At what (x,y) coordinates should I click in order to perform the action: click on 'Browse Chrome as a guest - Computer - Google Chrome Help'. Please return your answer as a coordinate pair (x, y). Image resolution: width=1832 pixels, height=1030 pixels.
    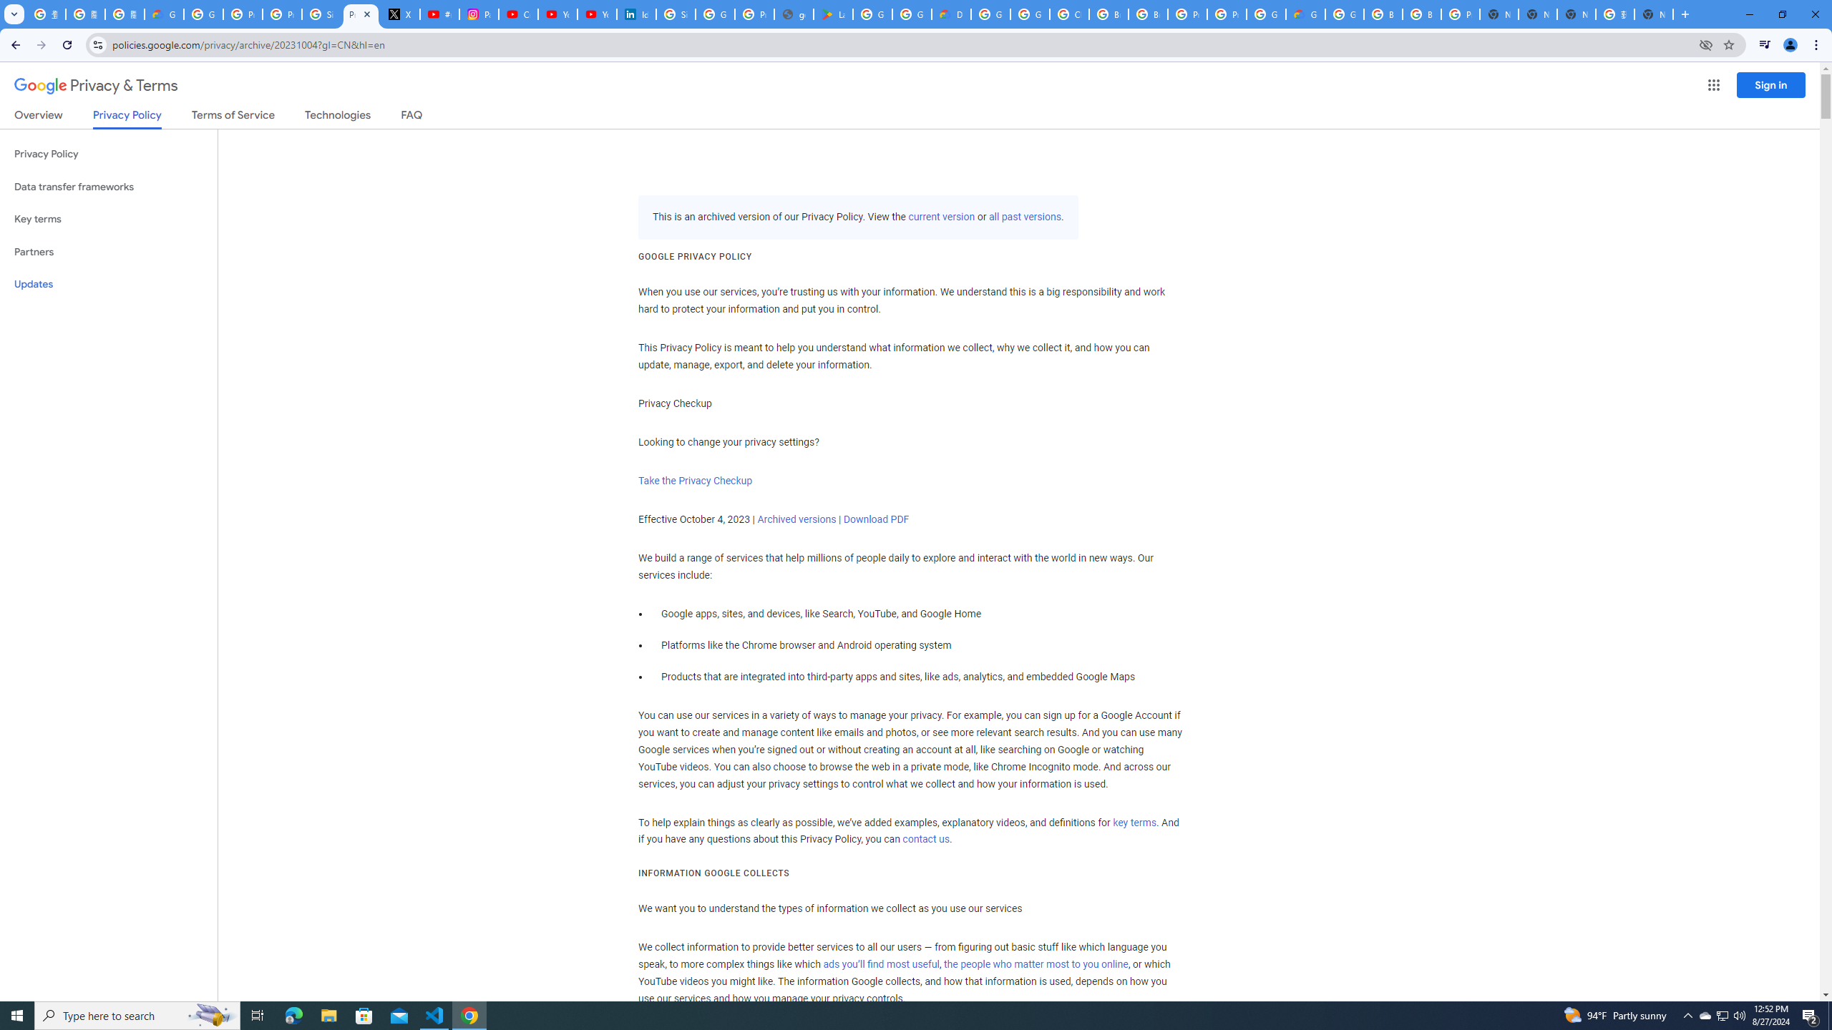
    Looking at the image, I should click on (1383, 14).